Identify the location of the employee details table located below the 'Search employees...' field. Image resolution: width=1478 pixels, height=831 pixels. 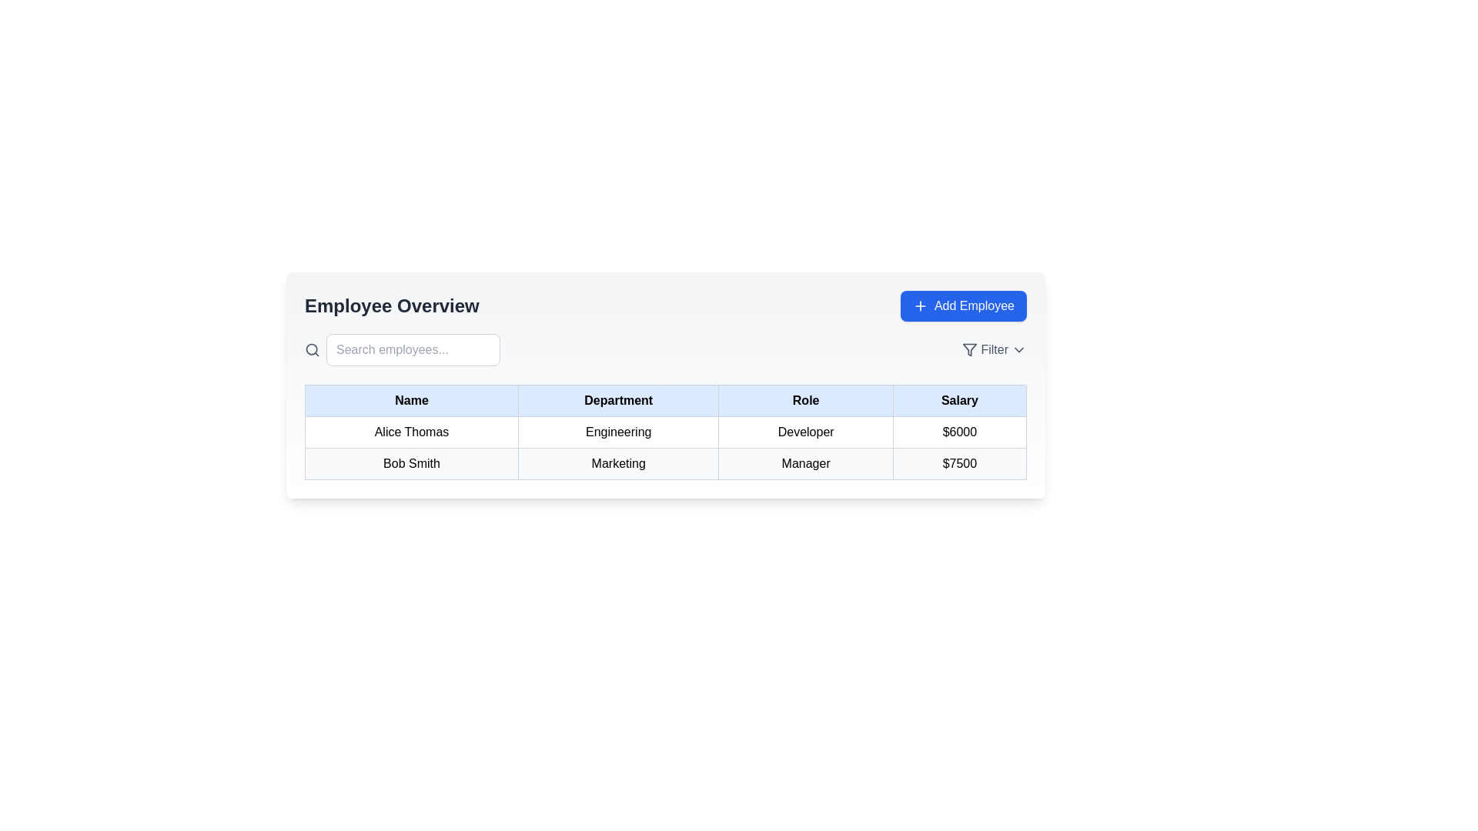
(665, 432).